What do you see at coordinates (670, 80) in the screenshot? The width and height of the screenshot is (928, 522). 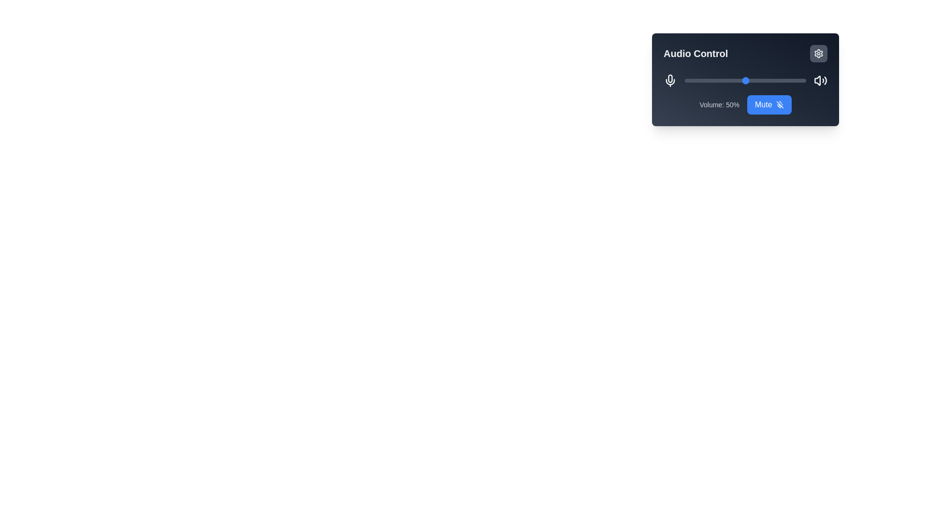 I see `the microphone icon with a white outline on a dark background` at bounding box center [670, 80].